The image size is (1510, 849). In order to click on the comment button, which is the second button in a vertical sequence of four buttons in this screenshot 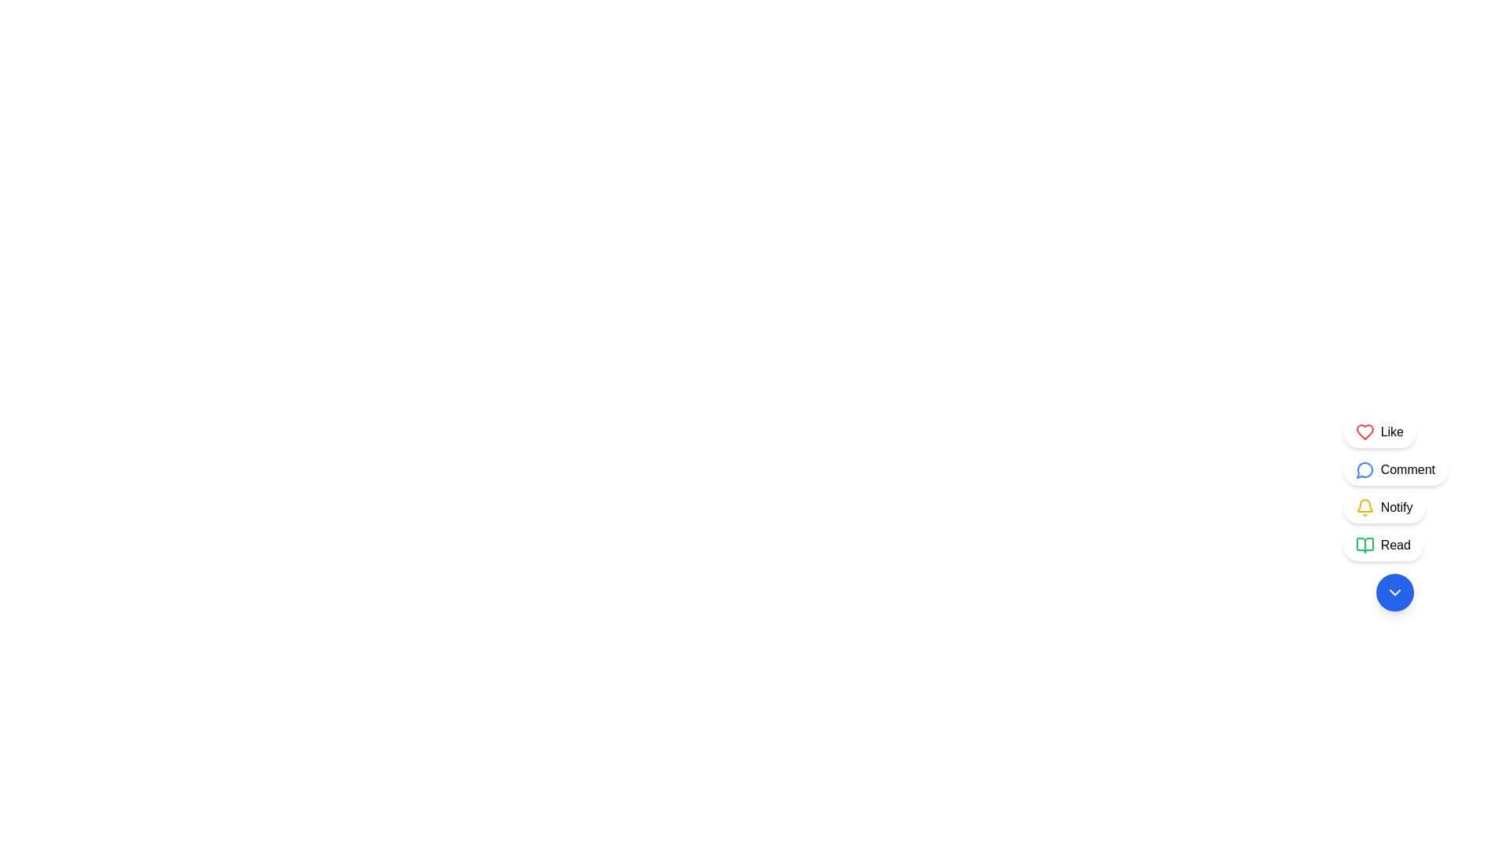, I will do `click(1395, 469)`.